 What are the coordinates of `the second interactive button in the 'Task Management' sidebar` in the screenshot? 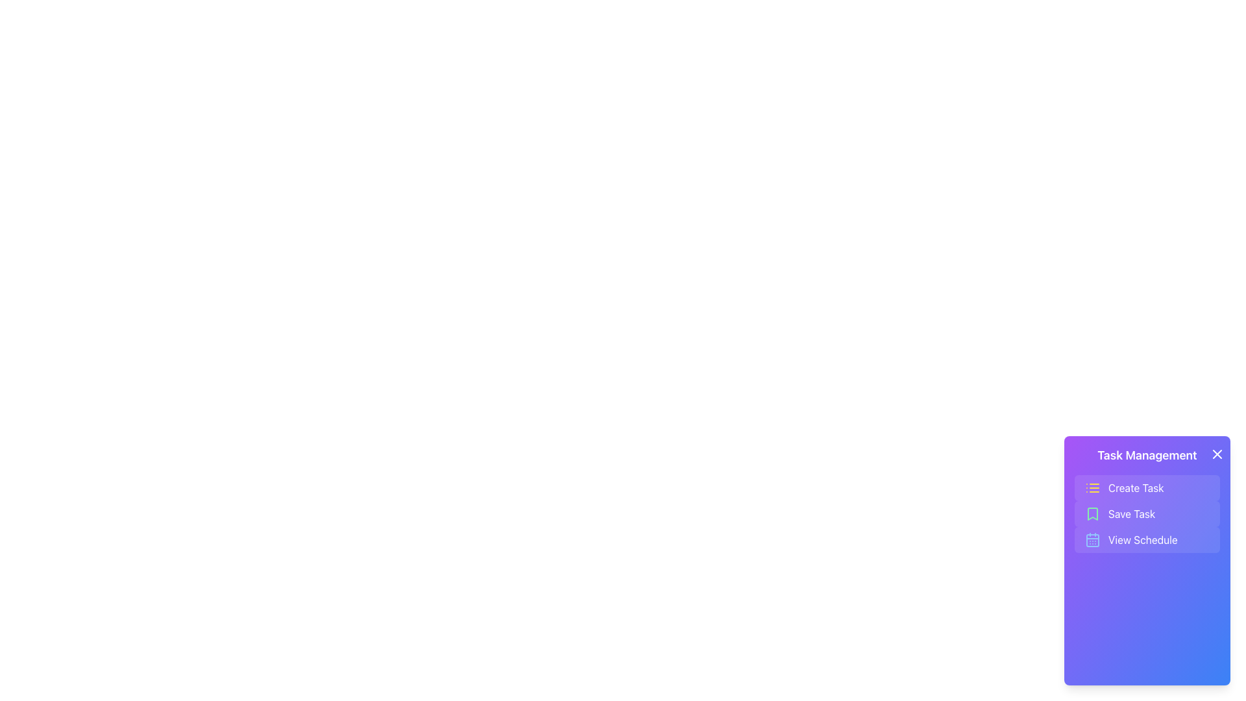 It's located at (1147, 513).